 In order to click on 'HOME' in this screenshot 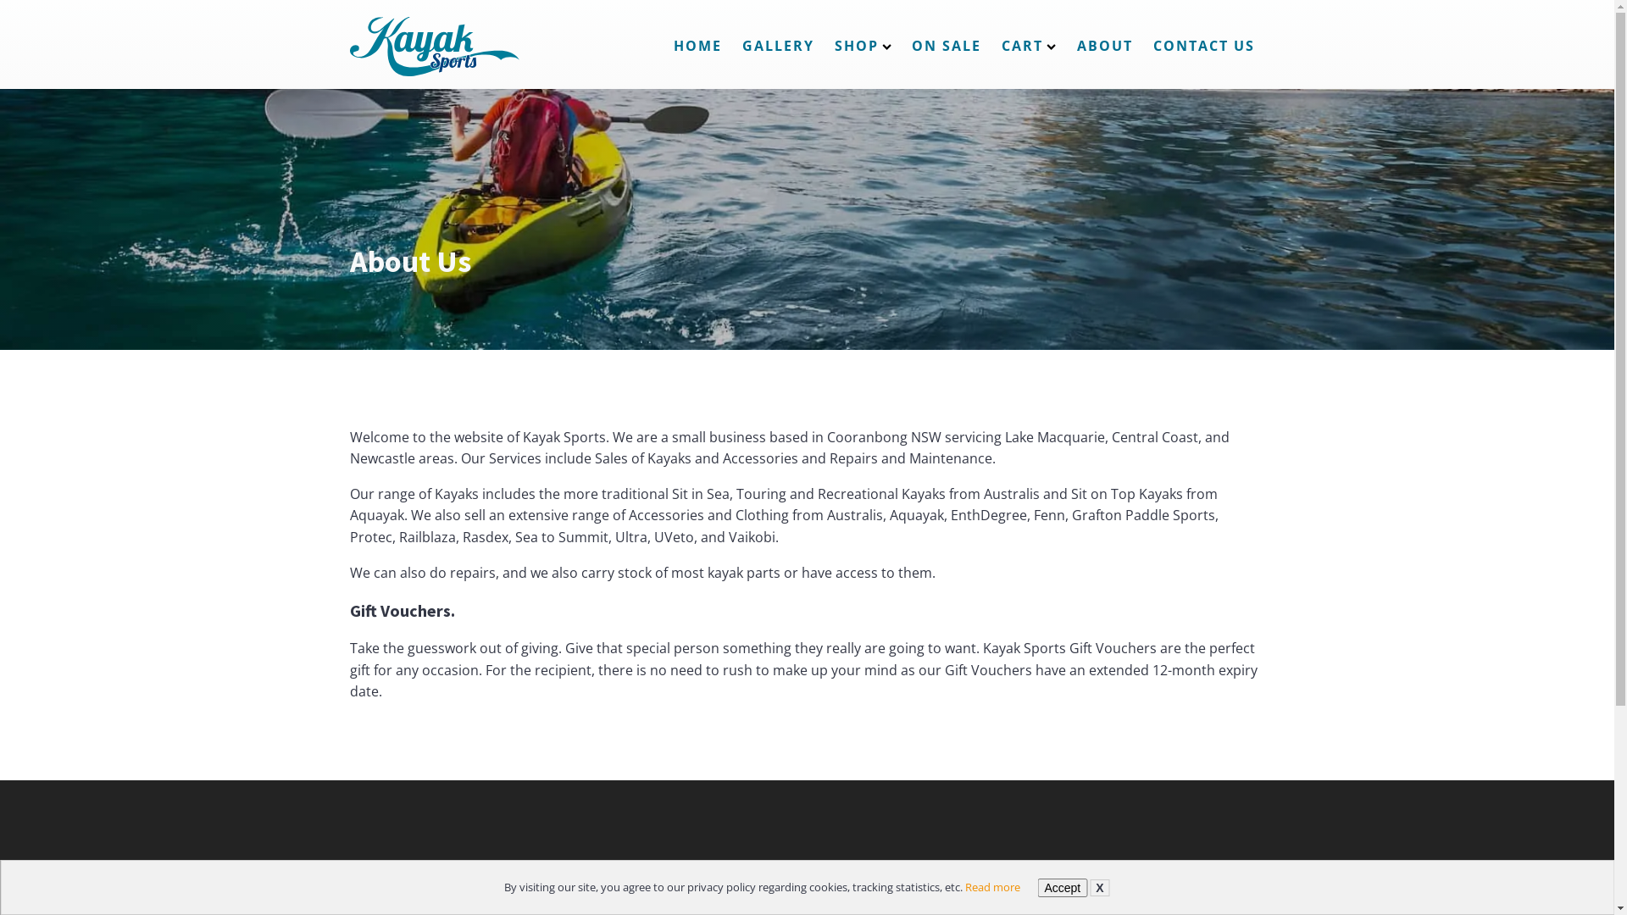, I will do `click(662, 45)`.